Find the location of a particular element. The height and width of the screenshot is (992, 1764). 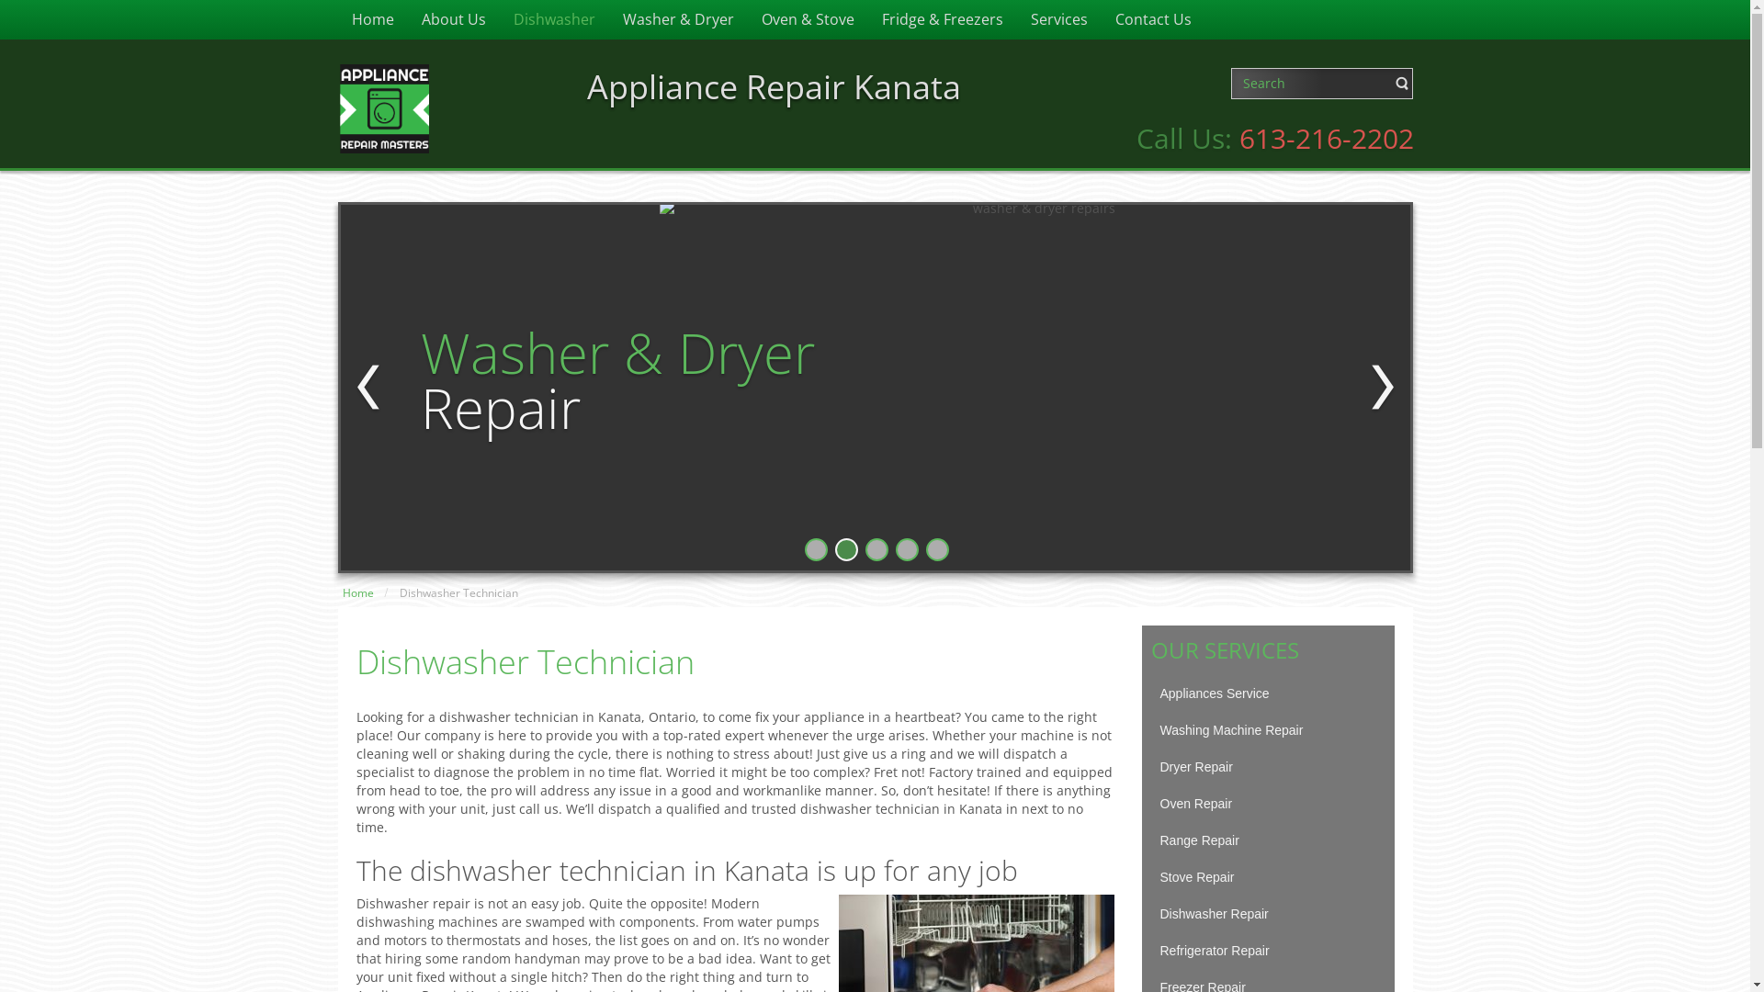

'Dishwasher' is located at coordinates (553, 19).